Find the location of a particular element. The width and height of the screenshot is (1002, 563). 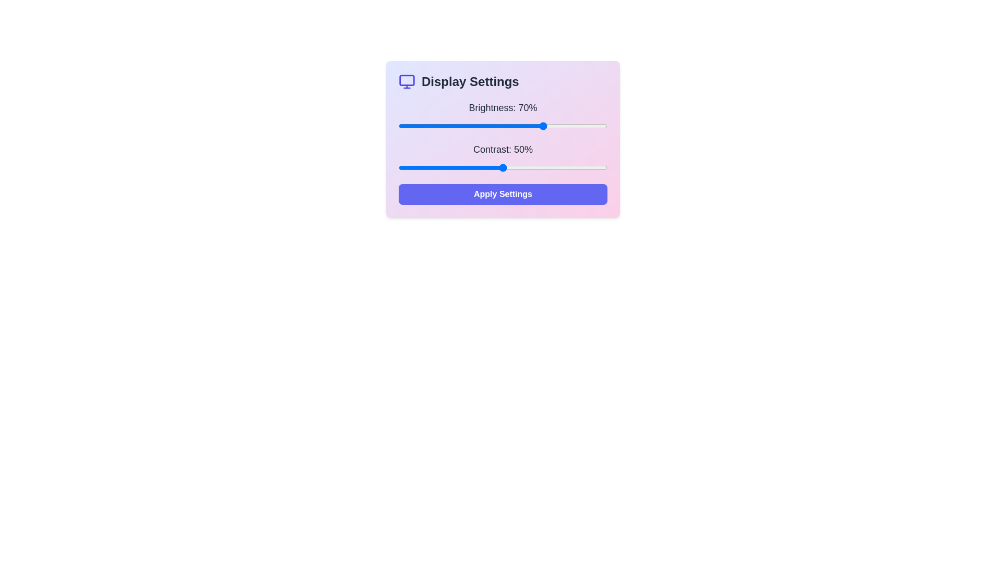

the brightness slider to 7% is located at coordinates (413, 126).